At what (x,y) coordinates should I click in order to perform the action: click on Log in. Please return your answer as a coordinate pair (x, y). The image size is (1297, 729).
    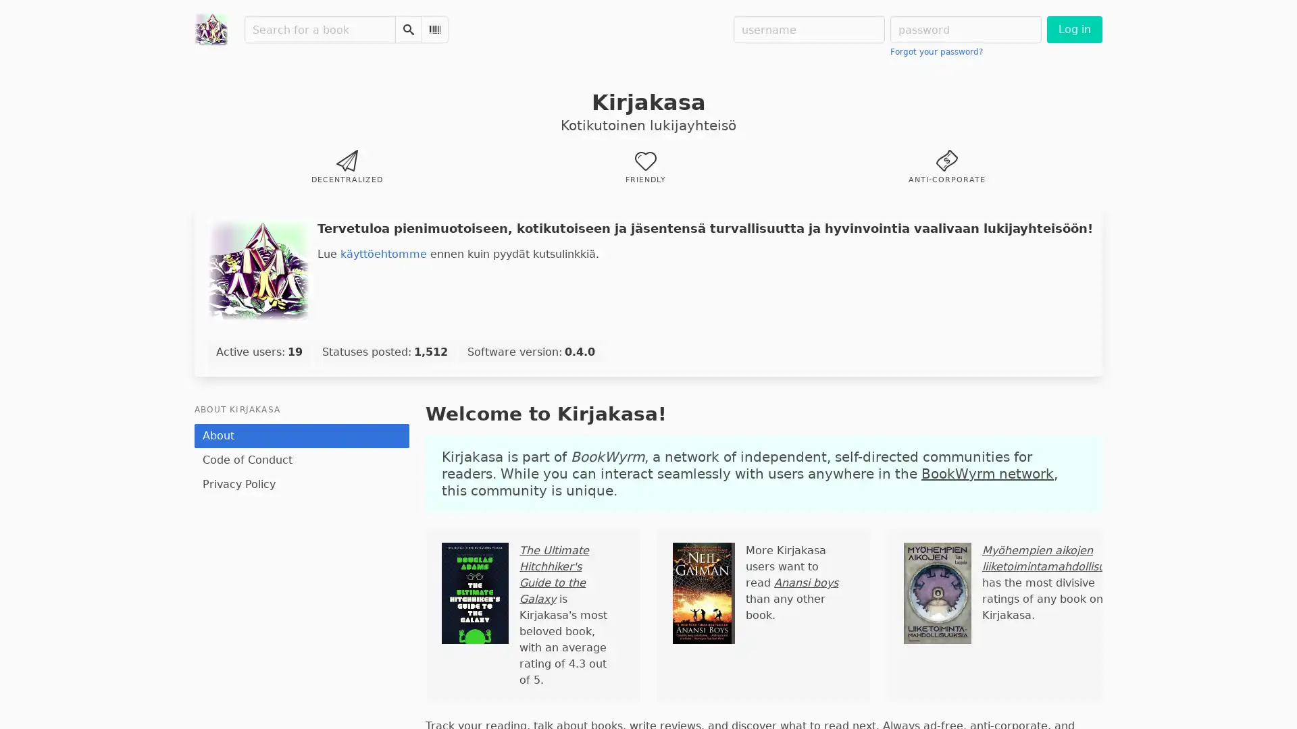
    Looking at the image, I should click on (1073, 29).